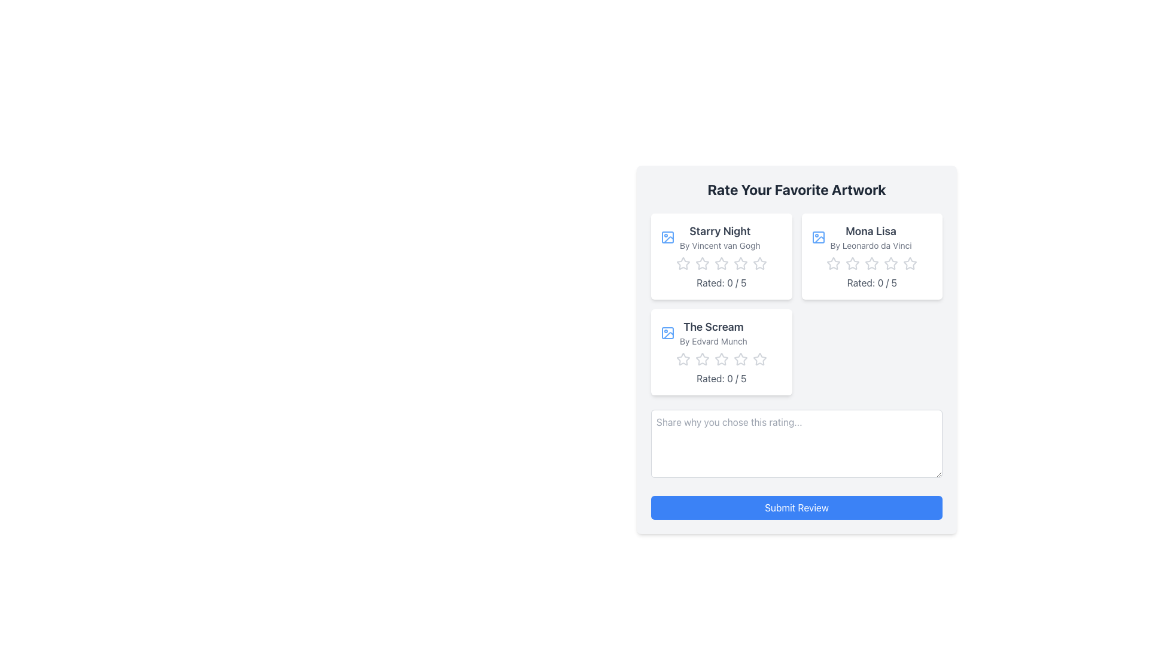 The height and width of the screenshot is (646, 1149). I want to click on on the fifth rating star icon for the artwork 'Mona Lisa', so click(891, 263).